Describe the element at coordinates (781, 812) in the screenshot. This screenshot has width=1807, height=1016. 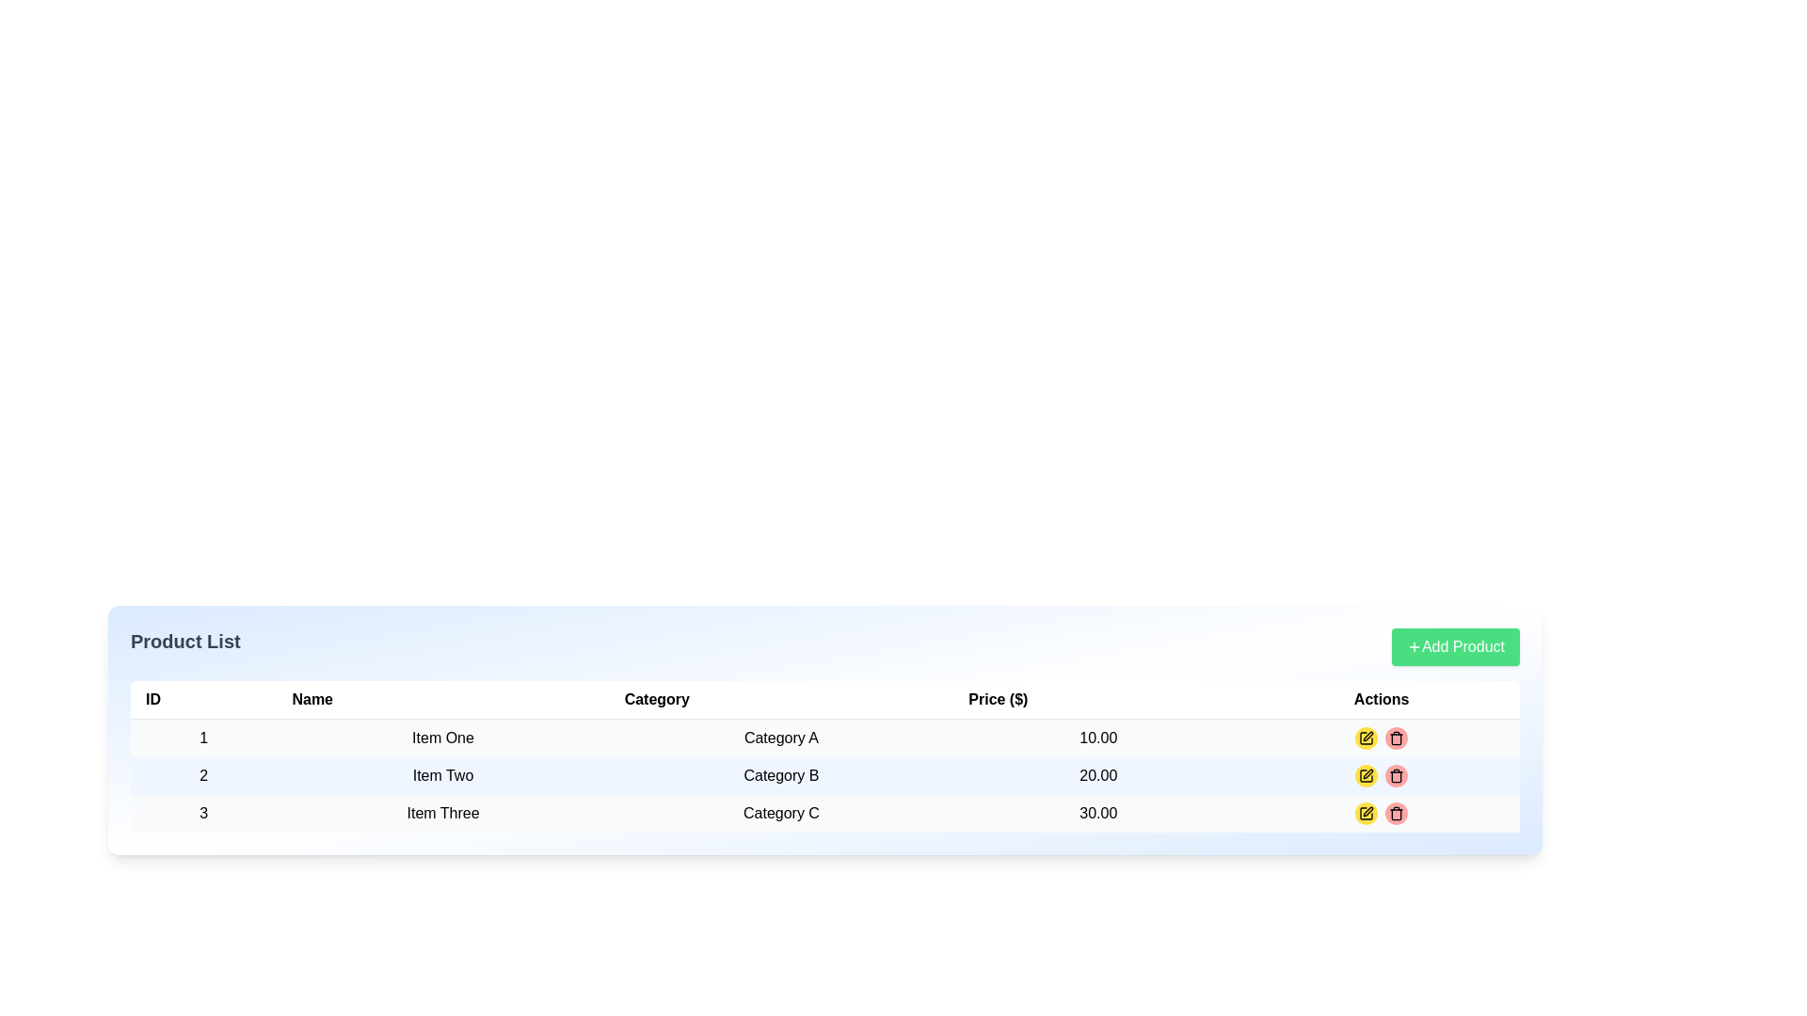
I see `the text label reading 'Category C'` at that location.